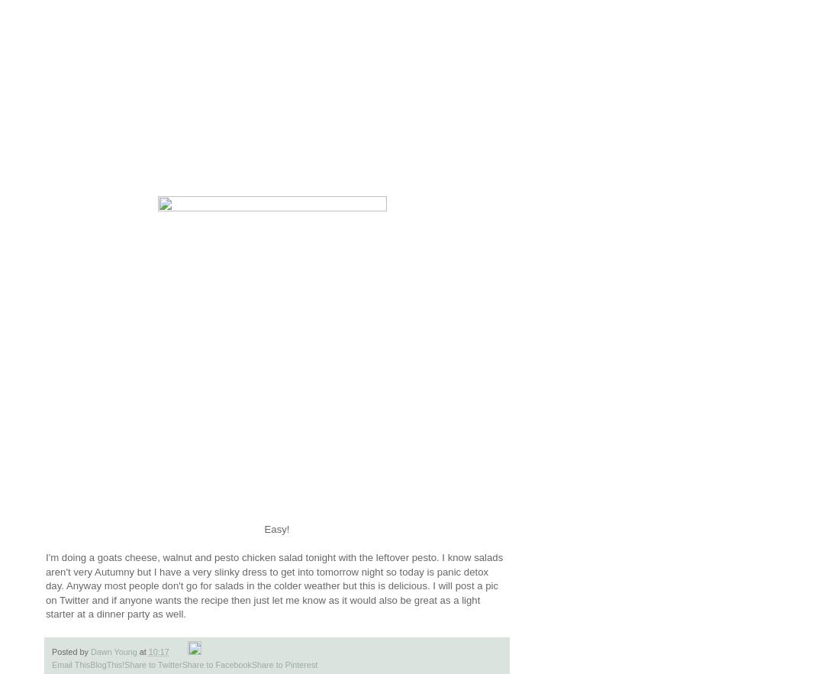 The width and height of the screenshot is (815, 674). Describe the element at coordinates (153, 663) in the screenshot. I see `'Share to Twitter'` at that location.